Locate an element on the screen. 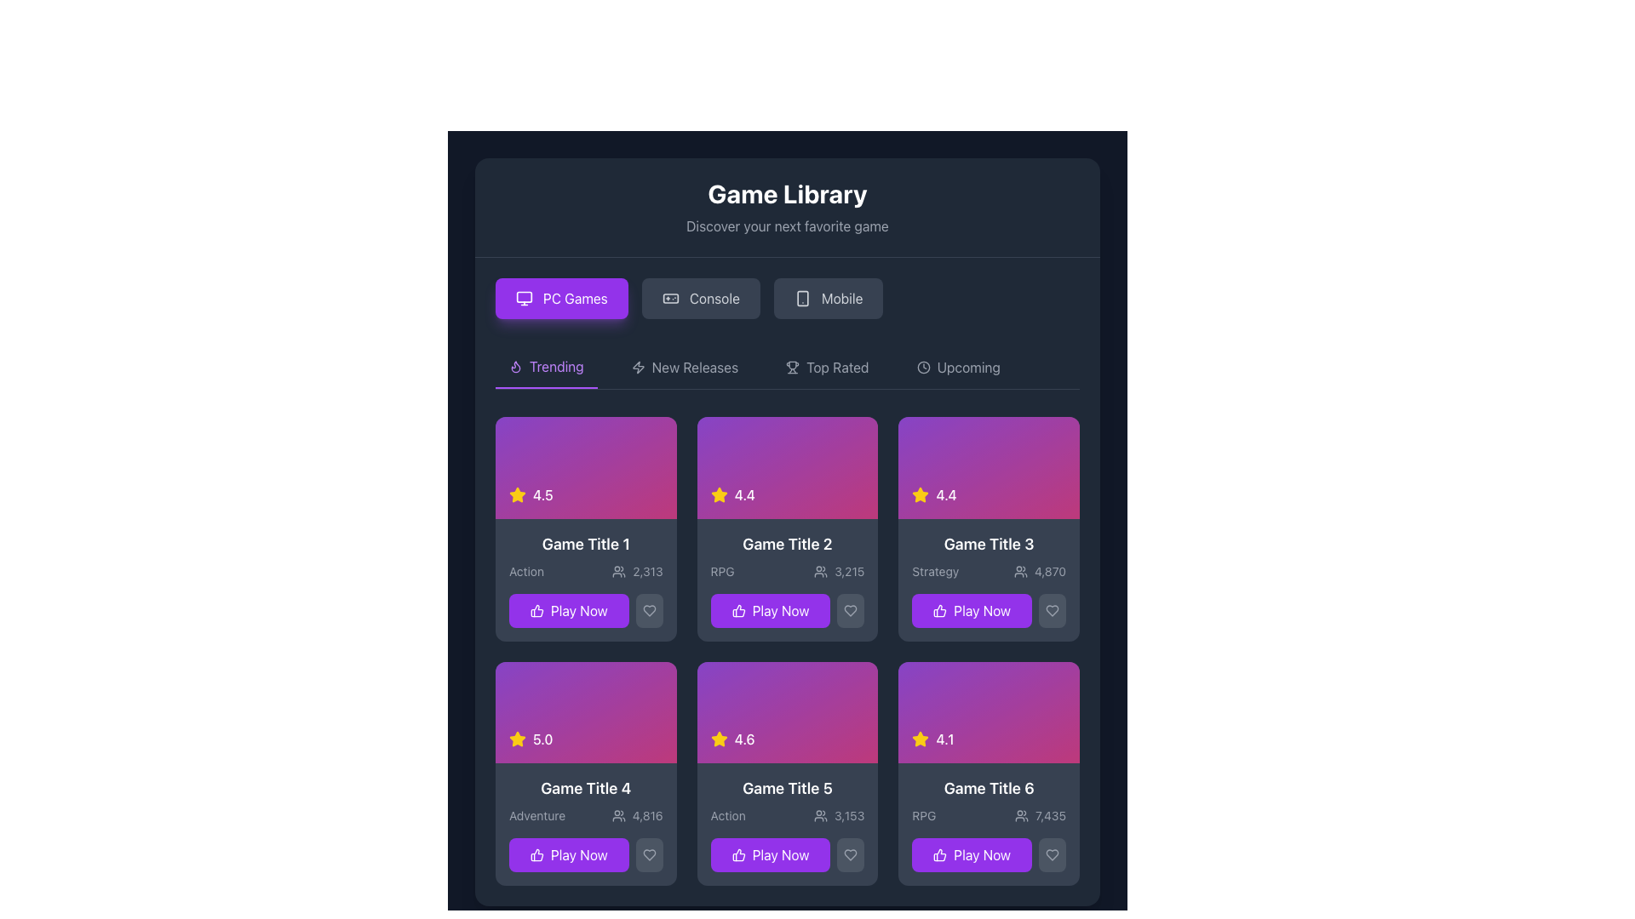 Image resolution: width=1635 pixels, height=919 pixels. rectangular shape with rounded corners that is part of the smartphone icon, located at the top-left corner of the icon is located at coordinates (801, 298).